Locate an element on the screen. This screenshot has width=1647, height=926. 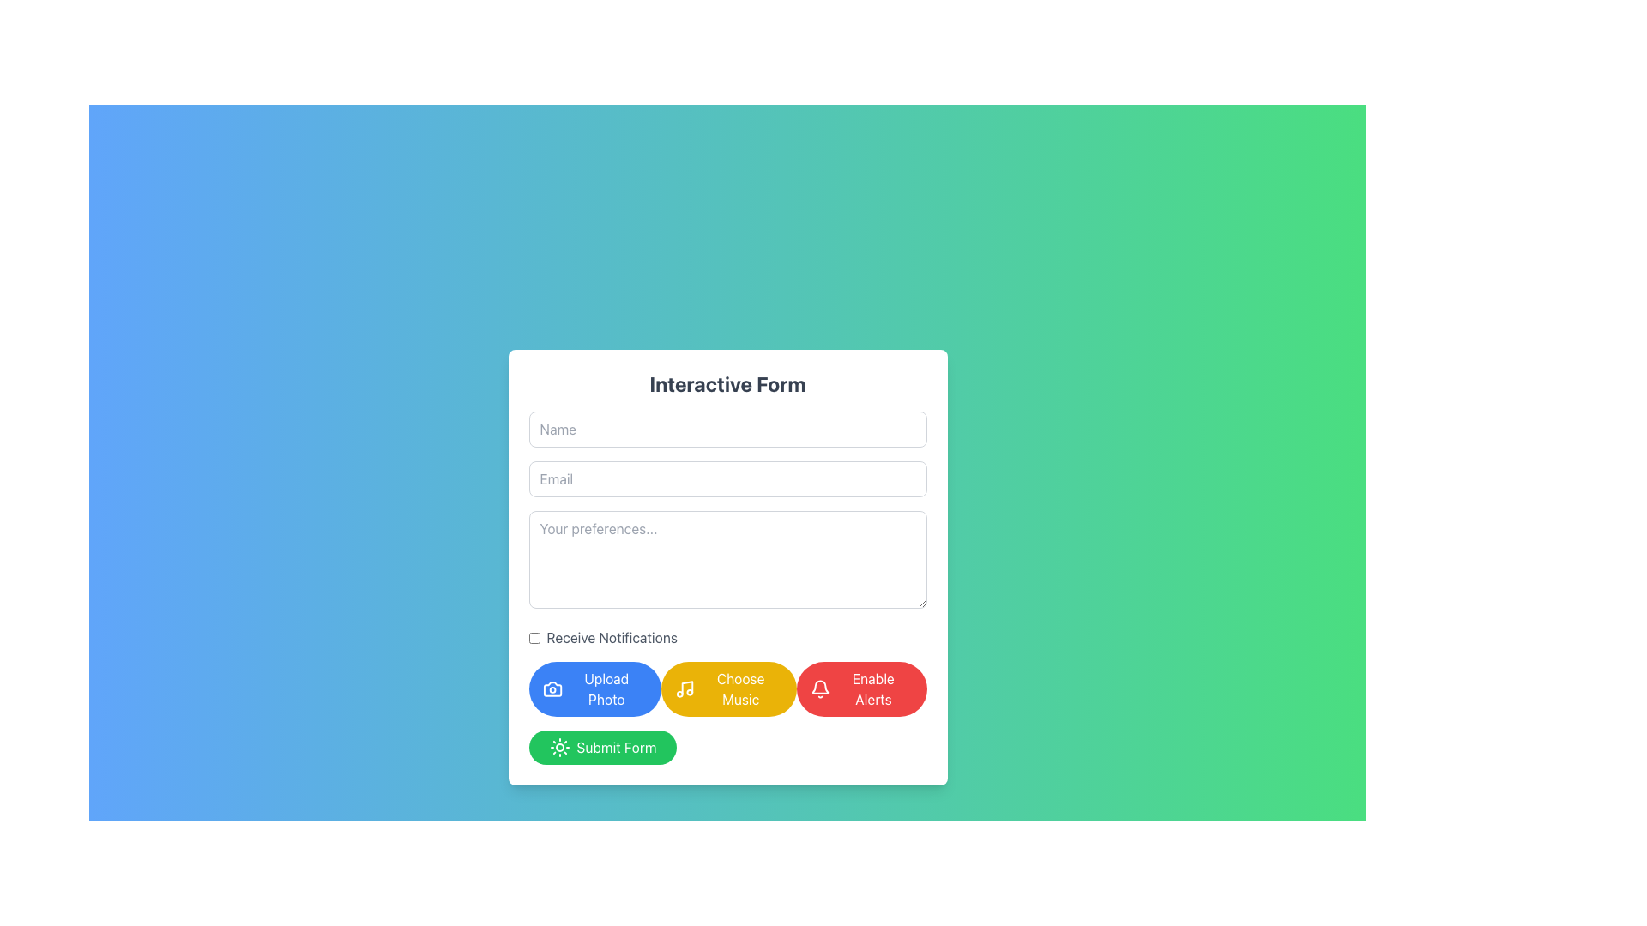
the camera icon inside the blue rounded rectangle button labeled 'Upload Photo', which is the first button from the left in a row of four buttons below the form is located at coordinates (552, 688).